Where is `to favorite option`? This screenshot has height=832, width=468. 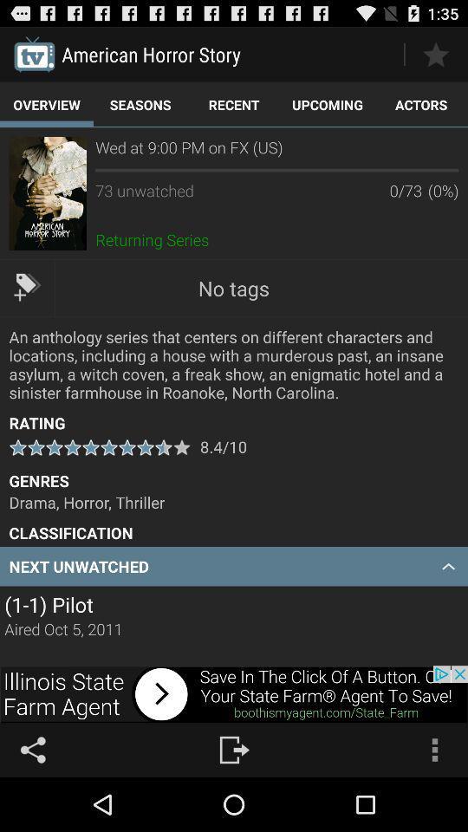
to favorite option is located at coordinates (435, 54).